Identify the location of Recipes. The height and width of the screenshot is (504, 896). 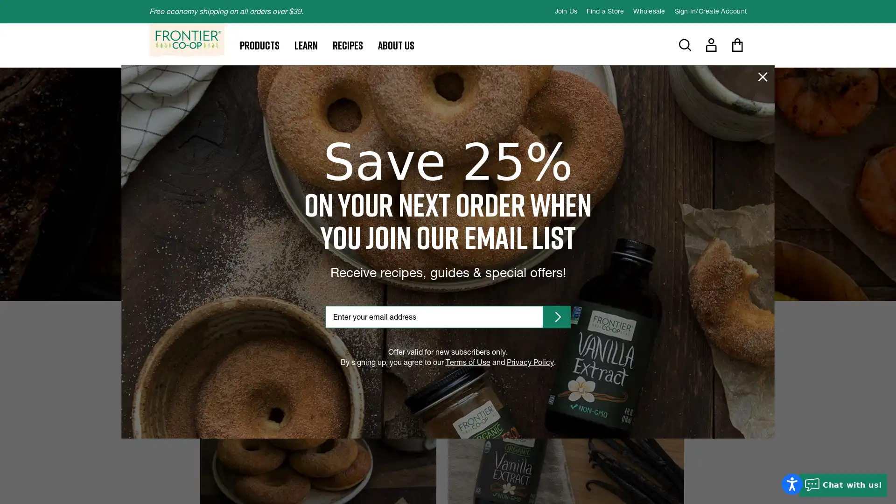
(347, 45).